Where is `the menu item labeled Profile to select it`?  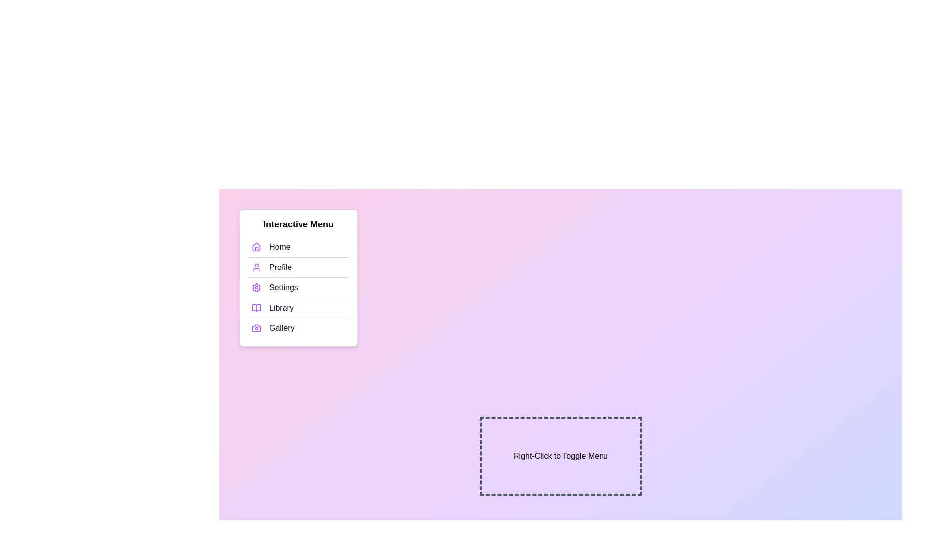 the menu item labeled Profile to select it is located at coordinates (298, 267).